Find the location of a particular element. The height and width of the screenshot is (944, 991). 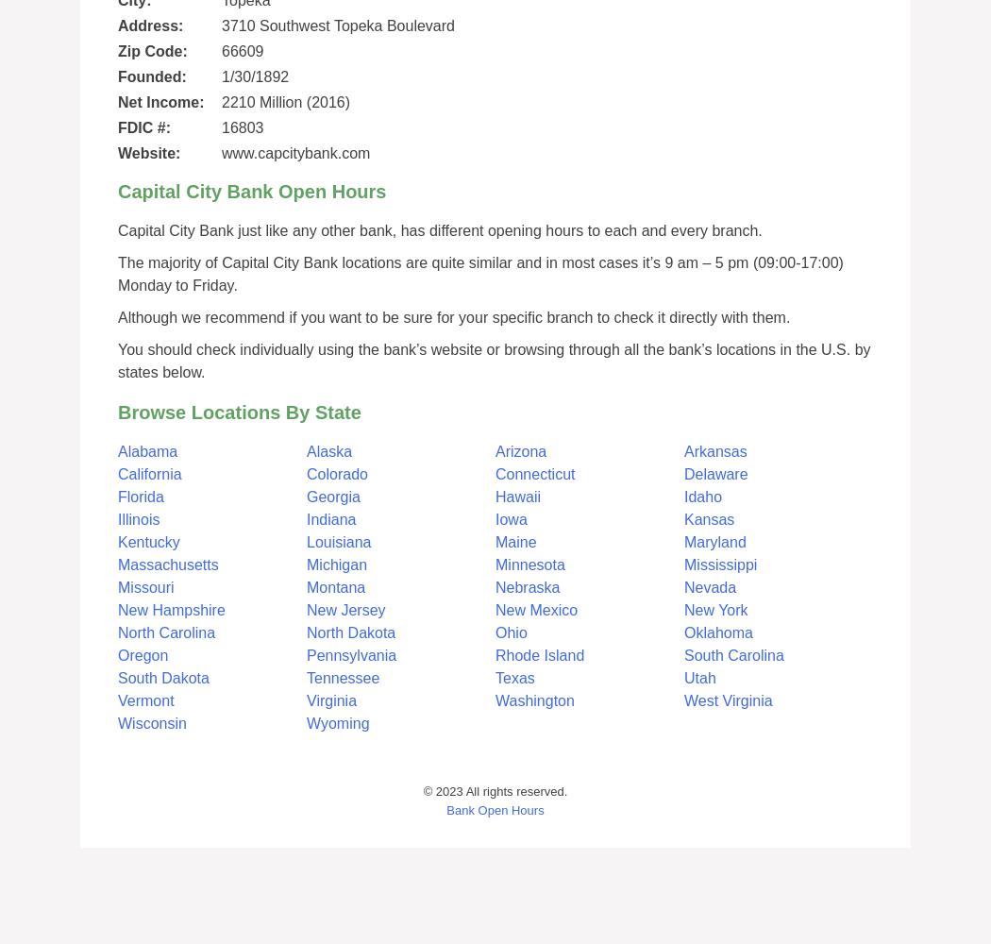

'Address:' is located at coordinates (150, 25).